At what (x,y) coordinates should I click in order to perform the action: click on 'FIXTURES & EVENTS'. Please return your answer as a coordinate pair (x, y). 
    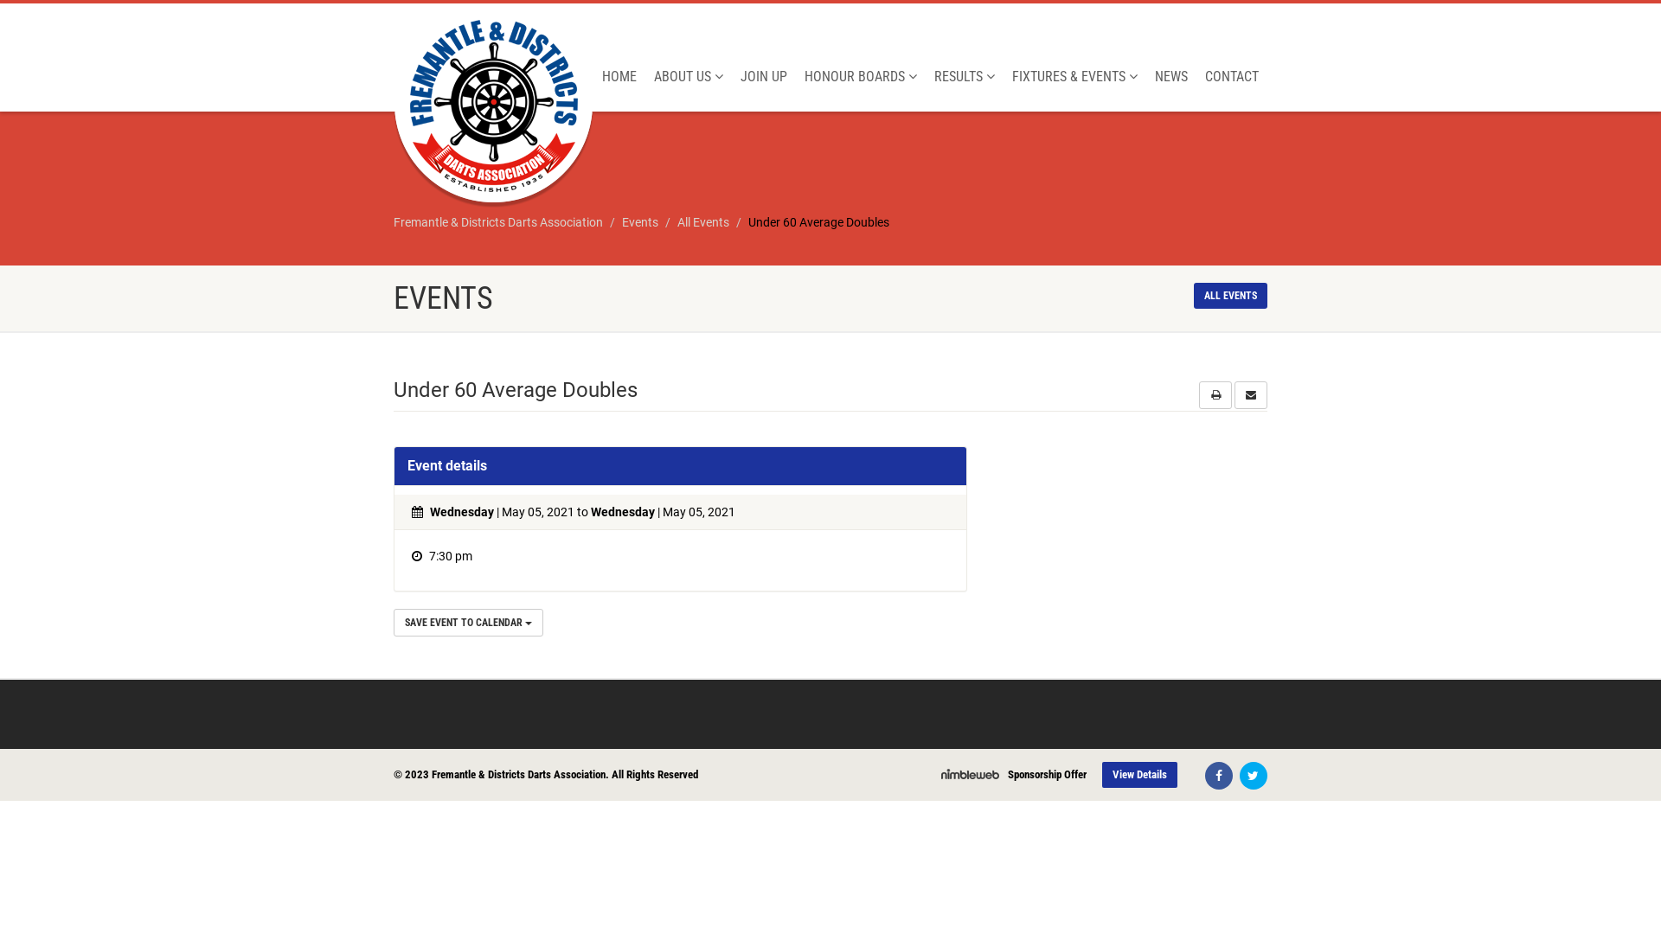
    Looking at the image, I should click on (1074, 75).